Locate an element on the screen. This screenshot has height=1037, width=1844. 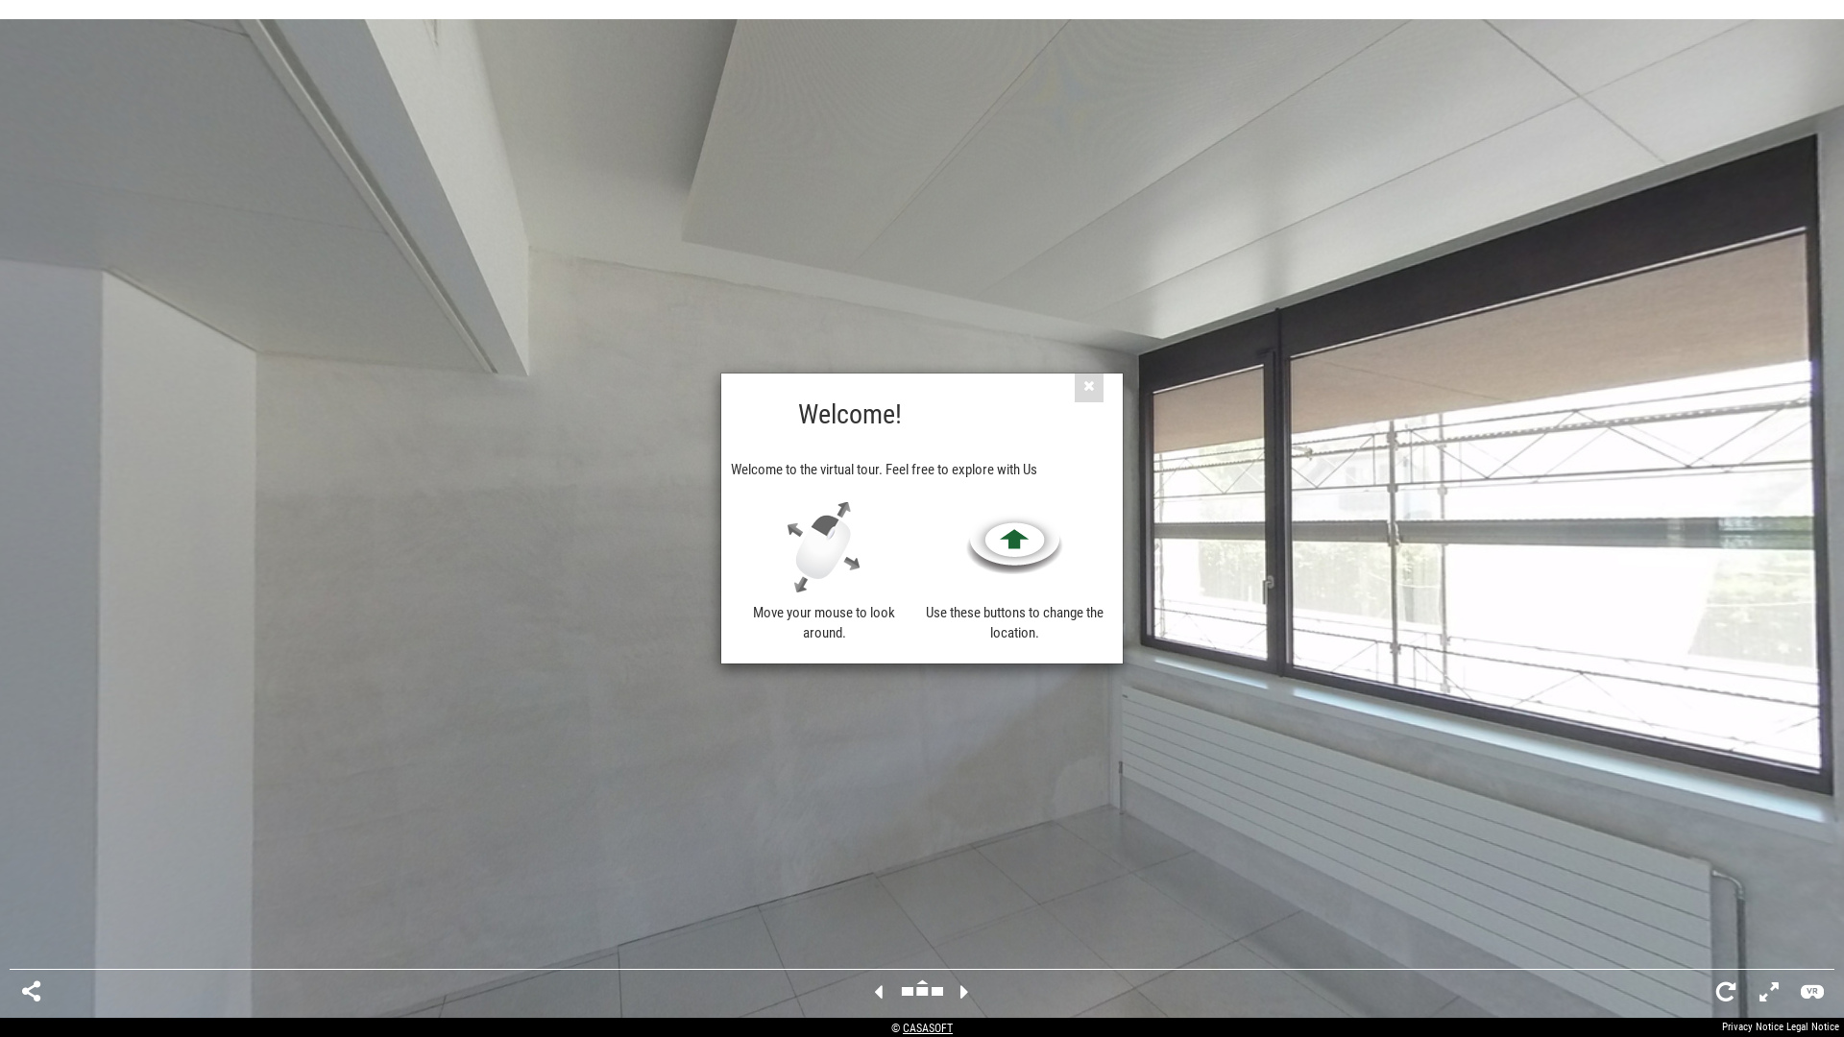
'Next' is located at coordinates (964, 992).